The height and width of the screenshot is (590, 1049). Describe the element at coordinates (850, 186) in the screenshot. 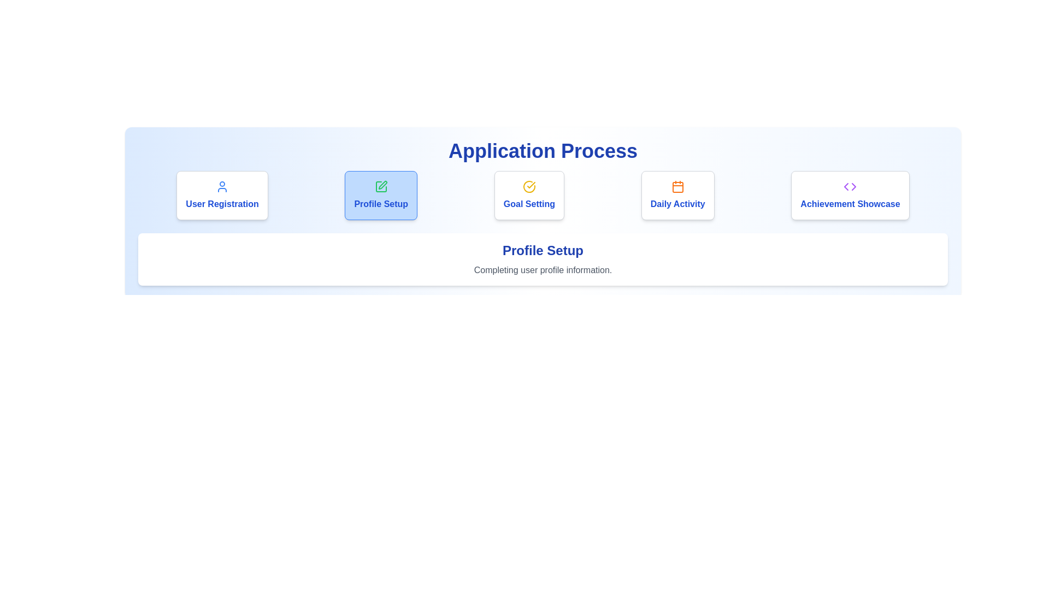

I see `the achievement icon located at the rightmost position within the 'Achievement Showcase' card` at that location.